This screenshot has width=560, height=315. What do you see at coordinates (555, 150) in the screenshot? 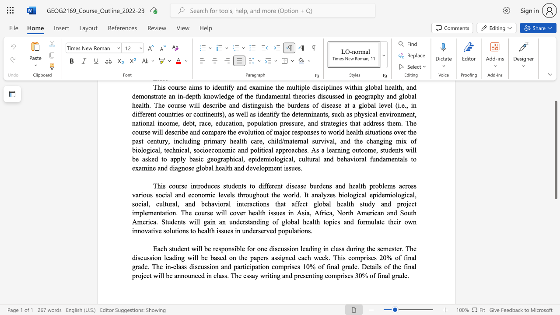
I see `the scrollbar and move up 70 pixels` at bounding box center [555, 150].